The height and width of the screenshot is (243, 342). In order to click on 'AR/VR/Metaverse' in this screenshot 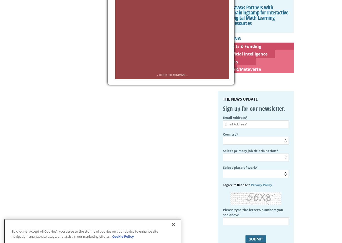, I will do `click(243, 69)`.